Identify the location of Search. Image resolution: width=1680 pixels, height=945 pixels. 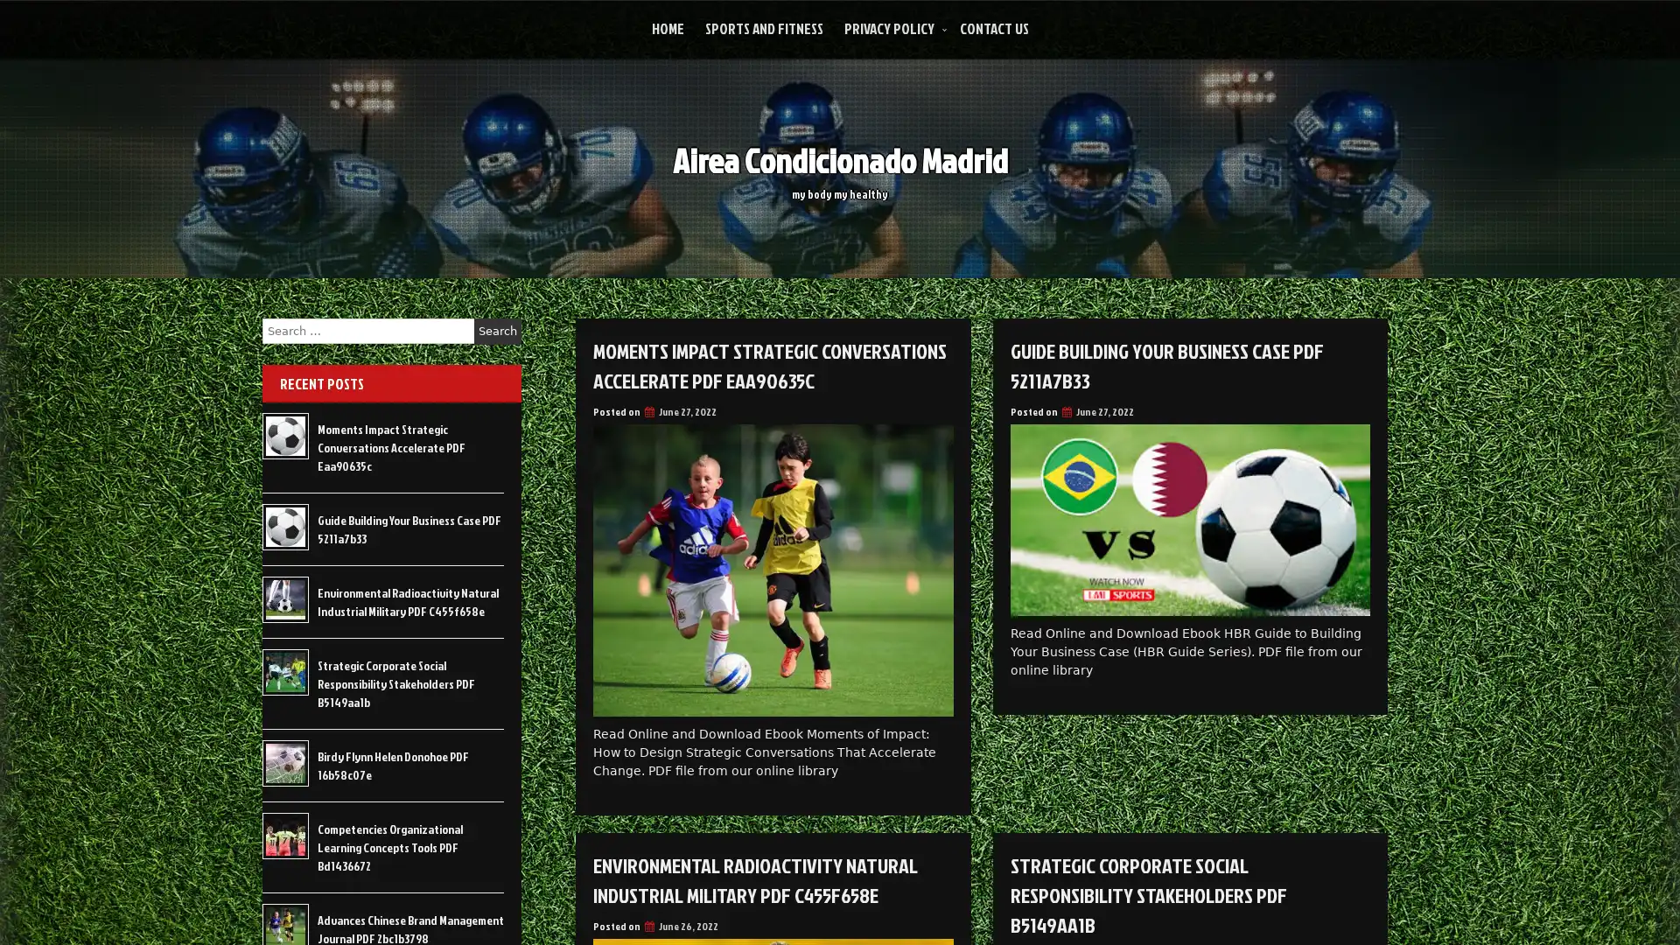
(497, 331).